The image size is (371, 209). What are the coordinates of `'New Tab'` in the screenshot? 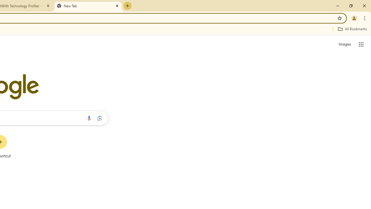 It's located at (88, 6).